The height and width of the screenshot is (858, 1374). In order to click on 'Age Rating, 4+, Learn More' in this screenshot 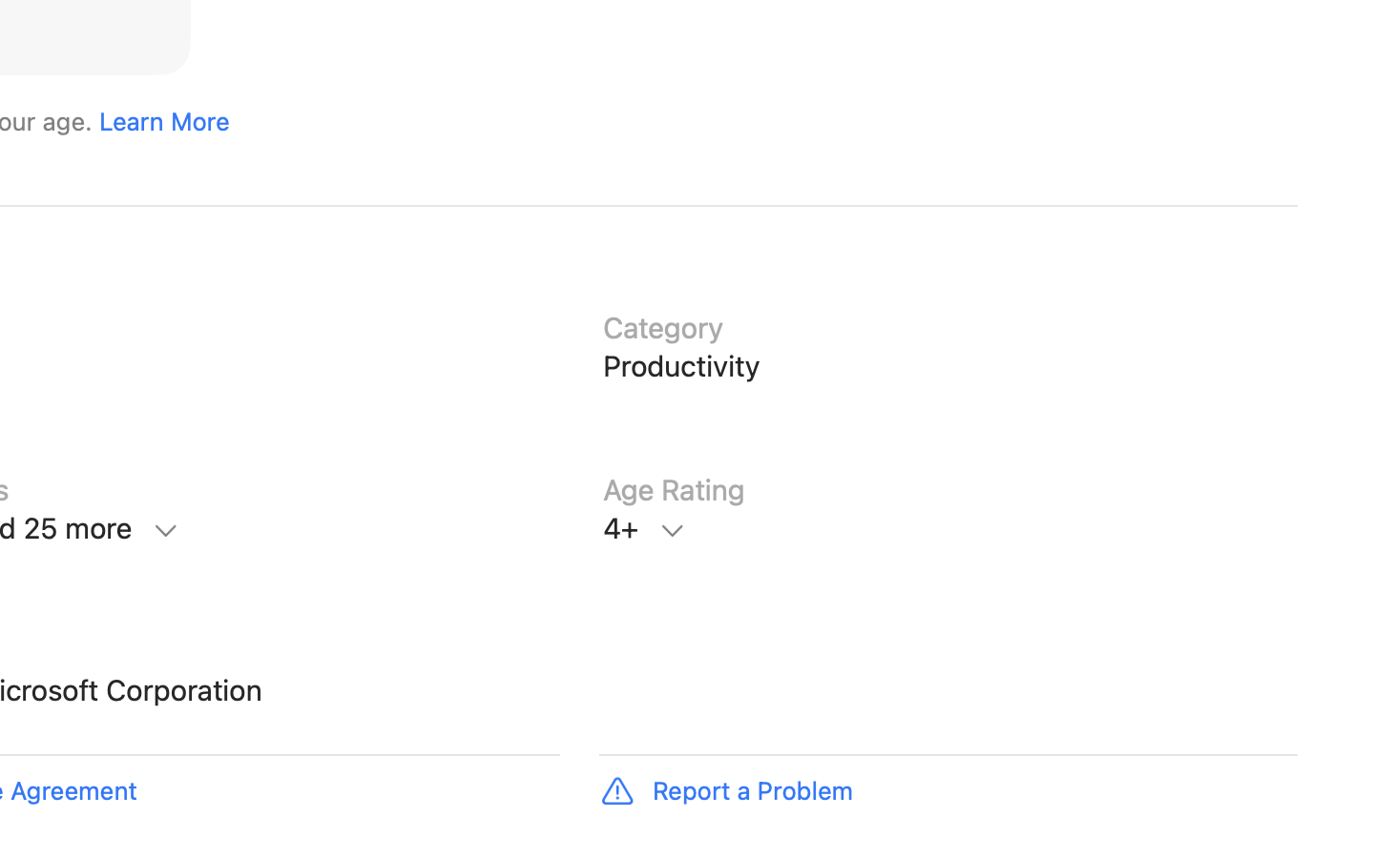, I will do `click(947, 528)`.